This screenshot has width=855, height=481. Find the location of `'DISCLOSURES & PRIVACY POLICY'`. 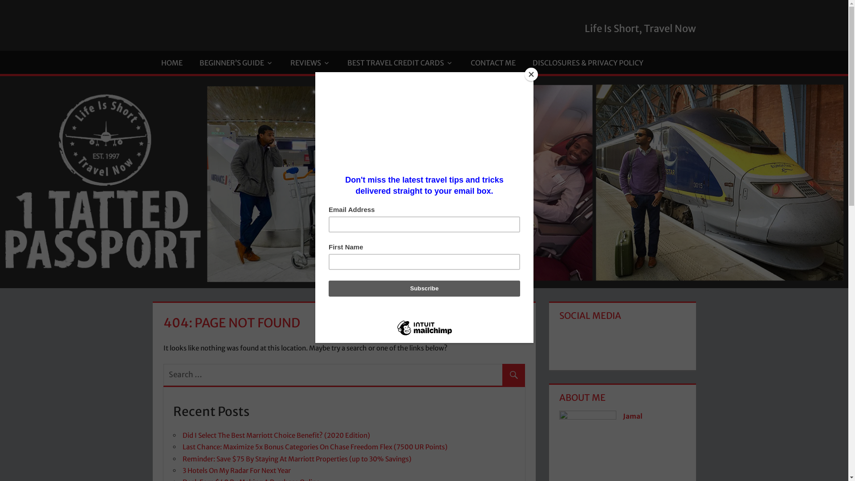

'DISCLOSURES & PRIVACY POLICY' is located at coordinates (588, 61).